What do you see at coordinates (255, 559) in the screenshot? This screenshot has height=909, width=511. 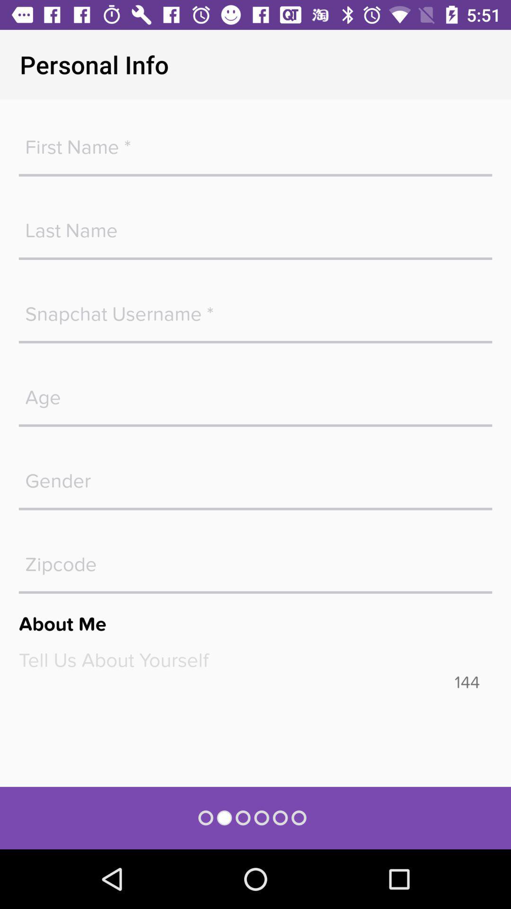 I see `open a keyboard` at bounding box center [255, 559].